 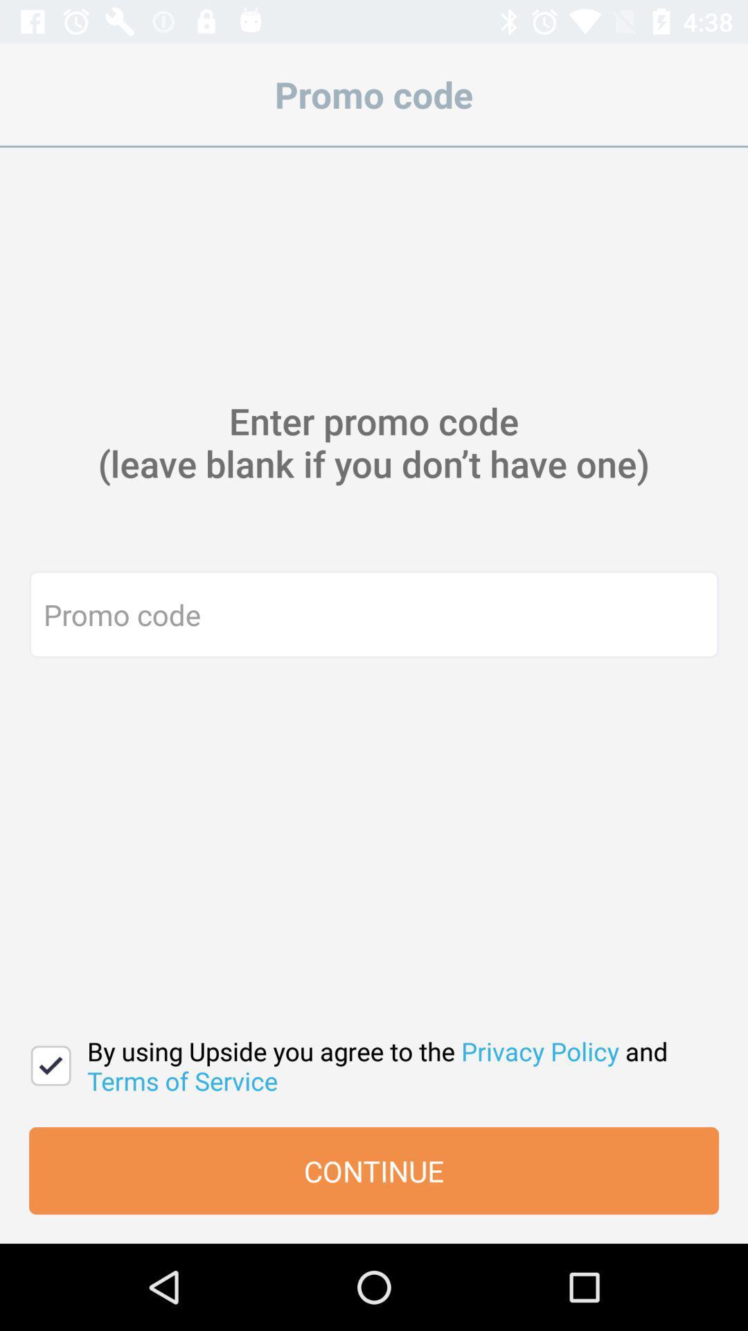 What do you see at coordinates (50, 1065) in the screenshot?
I see `the item to the left of by using upside item` at bounding box center [50, 1065].